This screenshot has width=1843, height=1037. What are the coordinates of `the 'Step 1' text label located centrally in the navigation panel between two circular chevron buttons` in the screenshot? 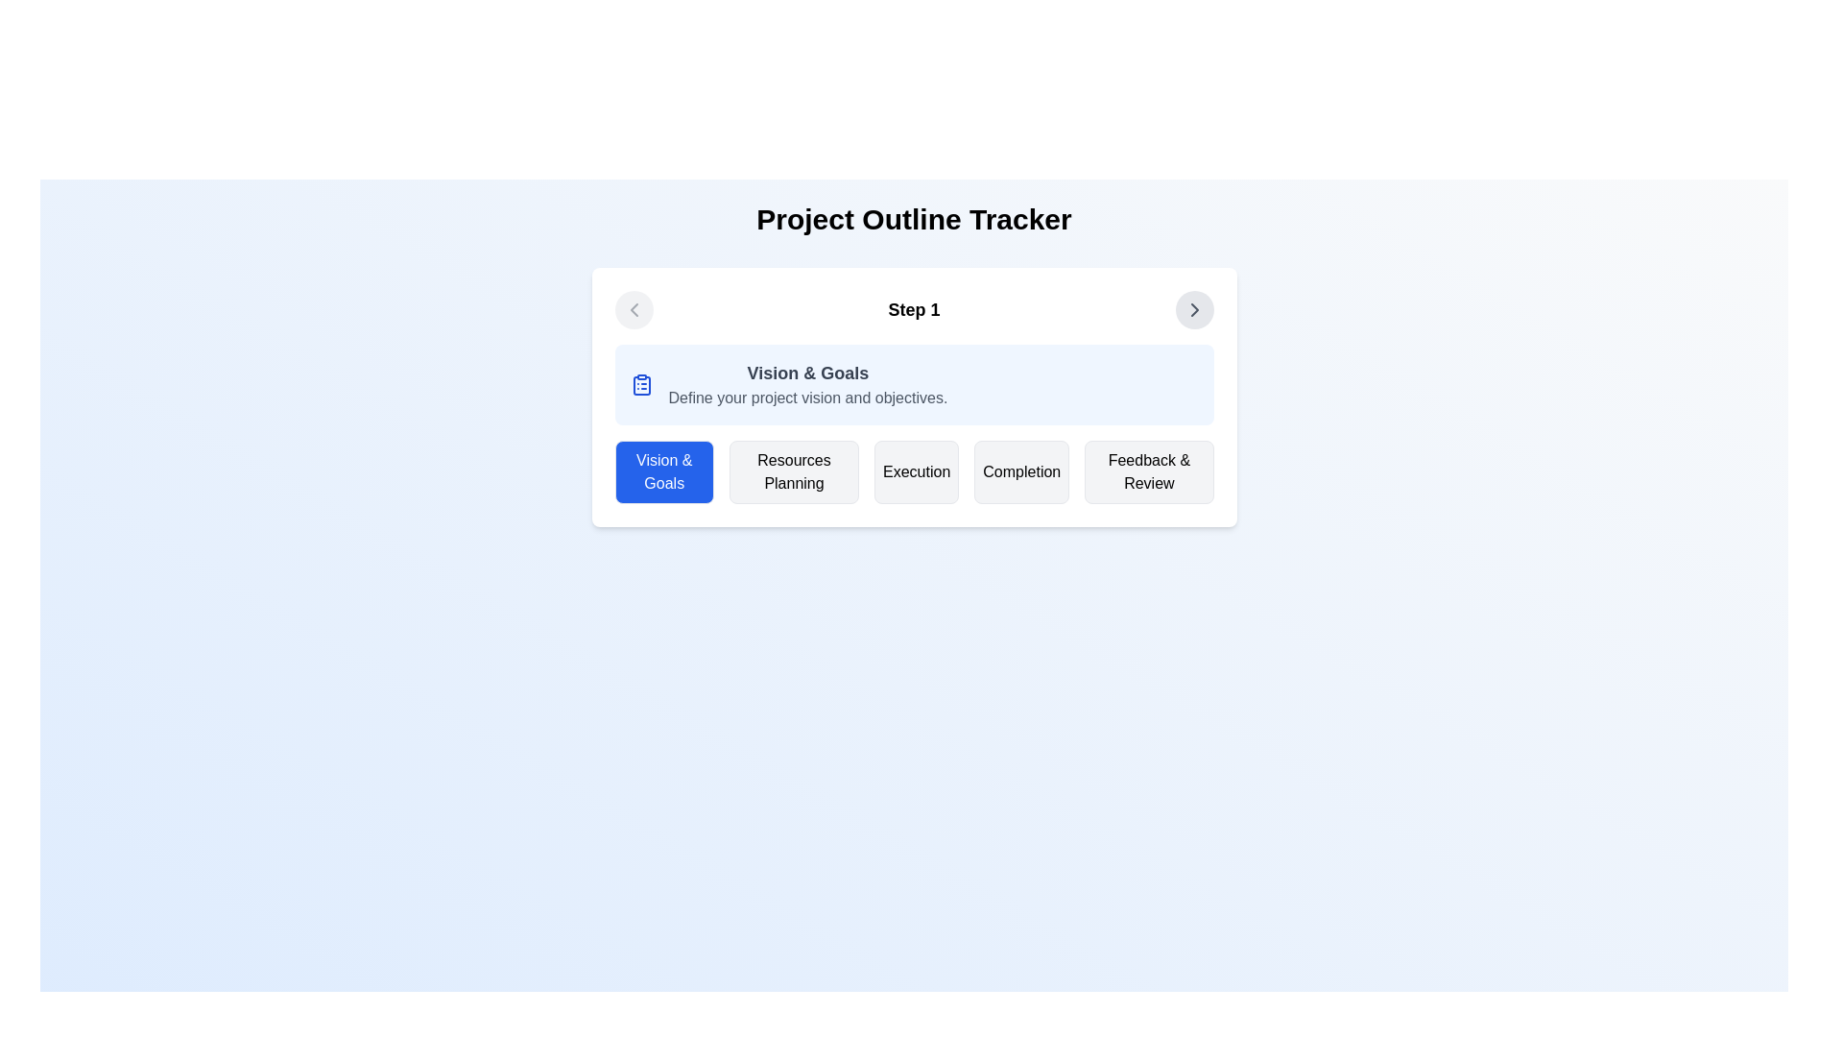 It's located at (913, 309).